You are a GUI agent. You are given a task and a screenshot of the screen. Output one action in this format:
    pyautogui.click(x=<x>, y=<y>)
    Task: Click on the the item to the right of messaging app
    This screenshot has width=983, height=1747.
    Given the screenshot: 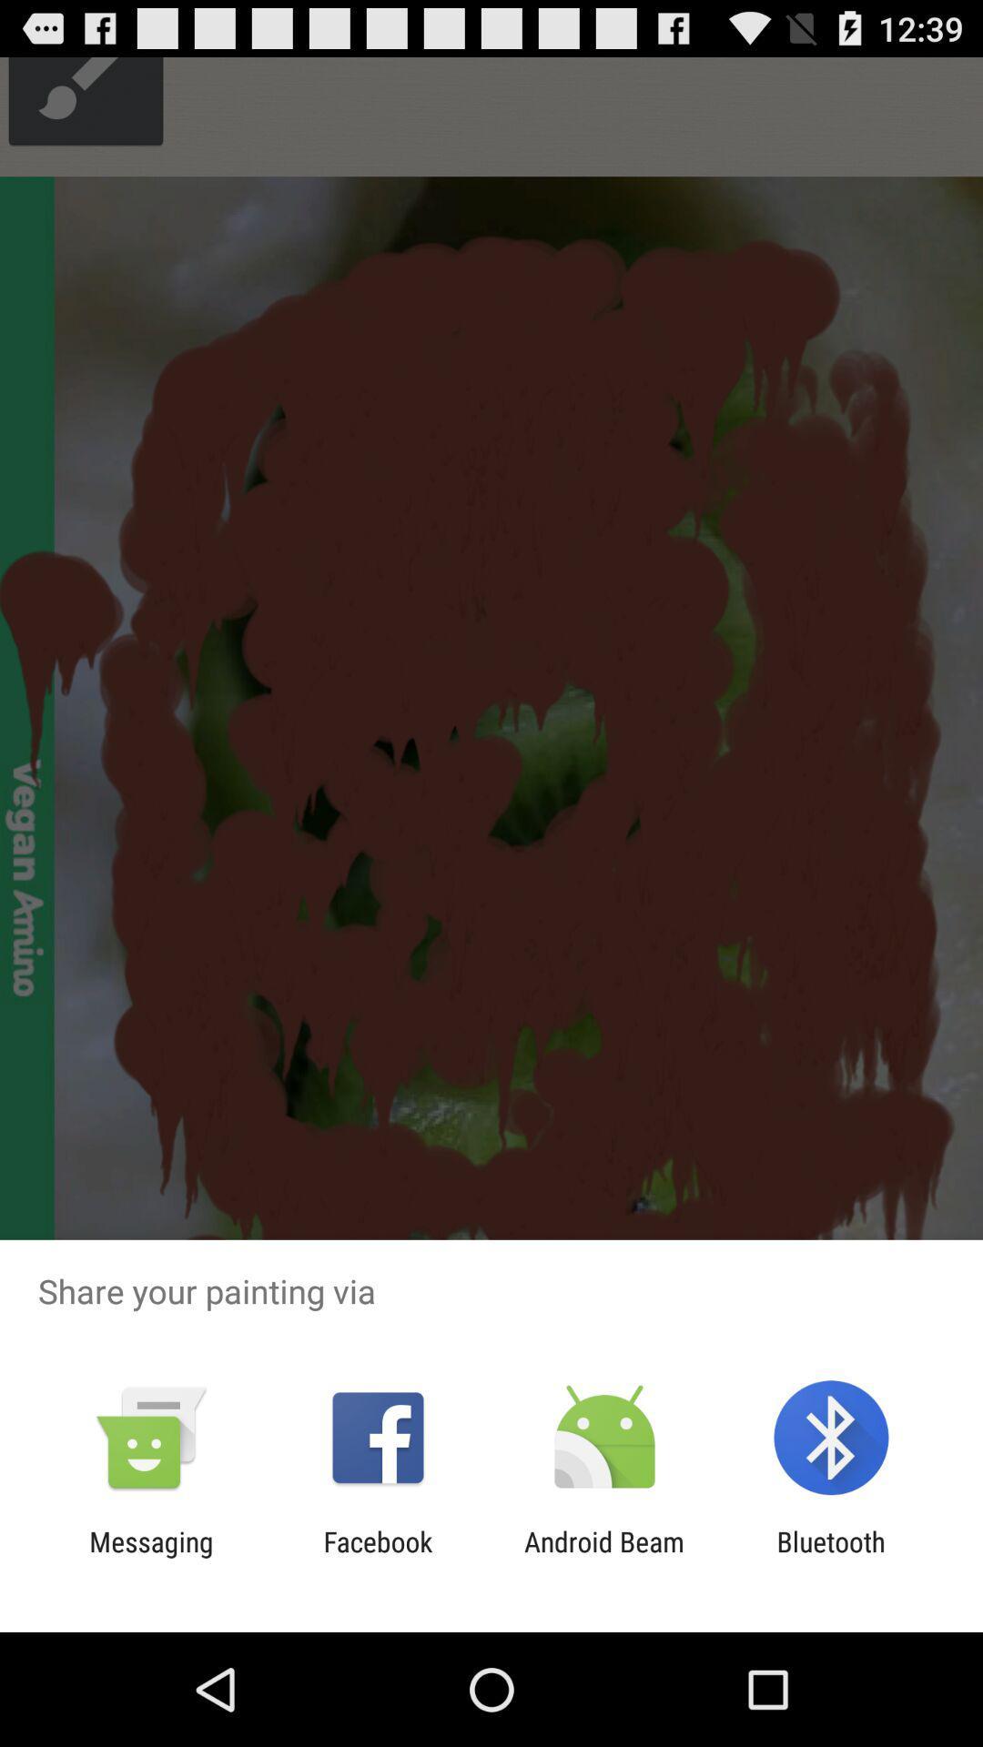 What is the action you would take?
    pyautogui.click(x=377, y=1557)
    